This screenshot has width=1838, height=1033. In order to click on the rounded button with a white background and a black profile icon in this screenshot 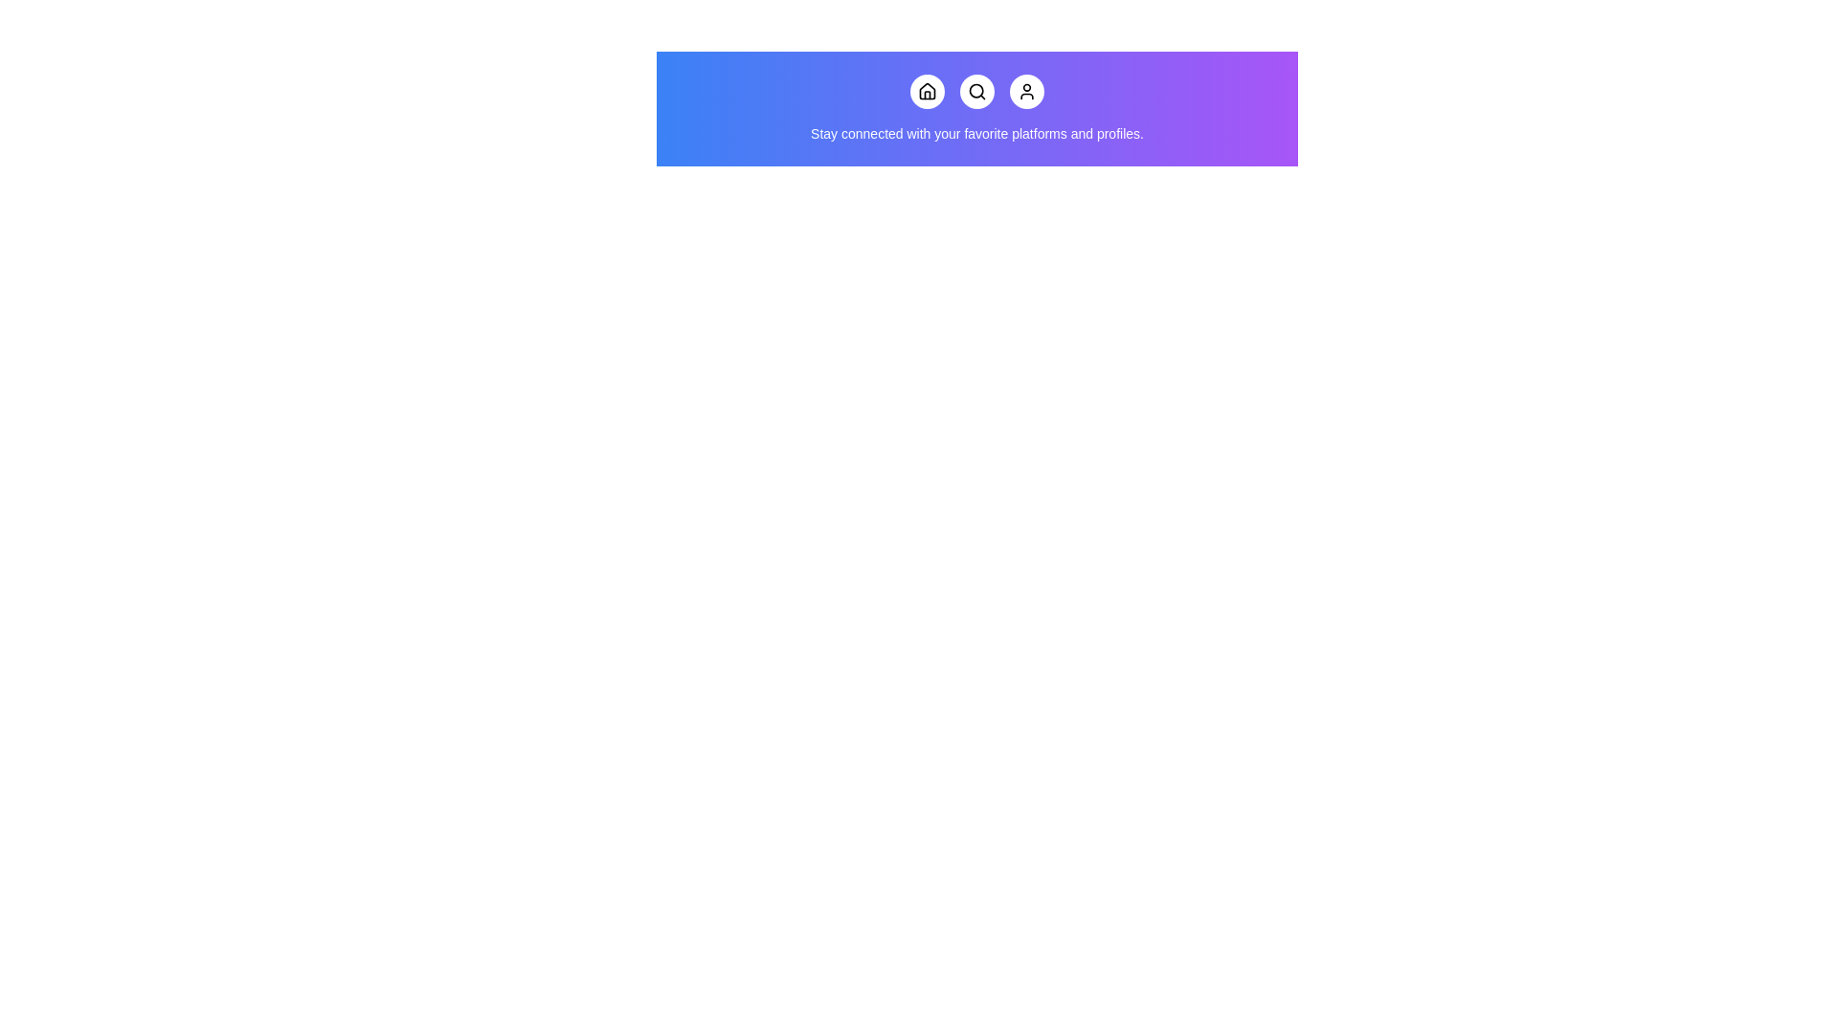, I will do `click(1026, 92)`.